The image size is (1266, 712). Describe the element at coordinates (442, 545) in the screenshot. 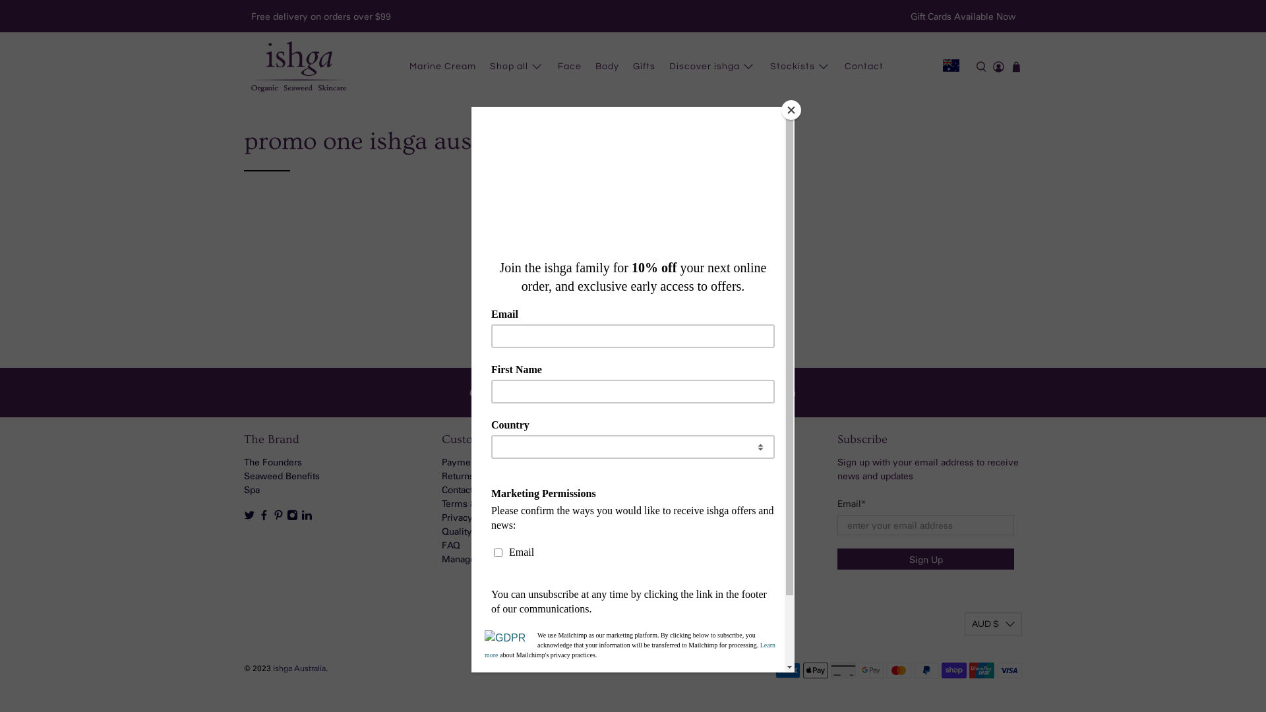

I see `'FAQ'` at that location.